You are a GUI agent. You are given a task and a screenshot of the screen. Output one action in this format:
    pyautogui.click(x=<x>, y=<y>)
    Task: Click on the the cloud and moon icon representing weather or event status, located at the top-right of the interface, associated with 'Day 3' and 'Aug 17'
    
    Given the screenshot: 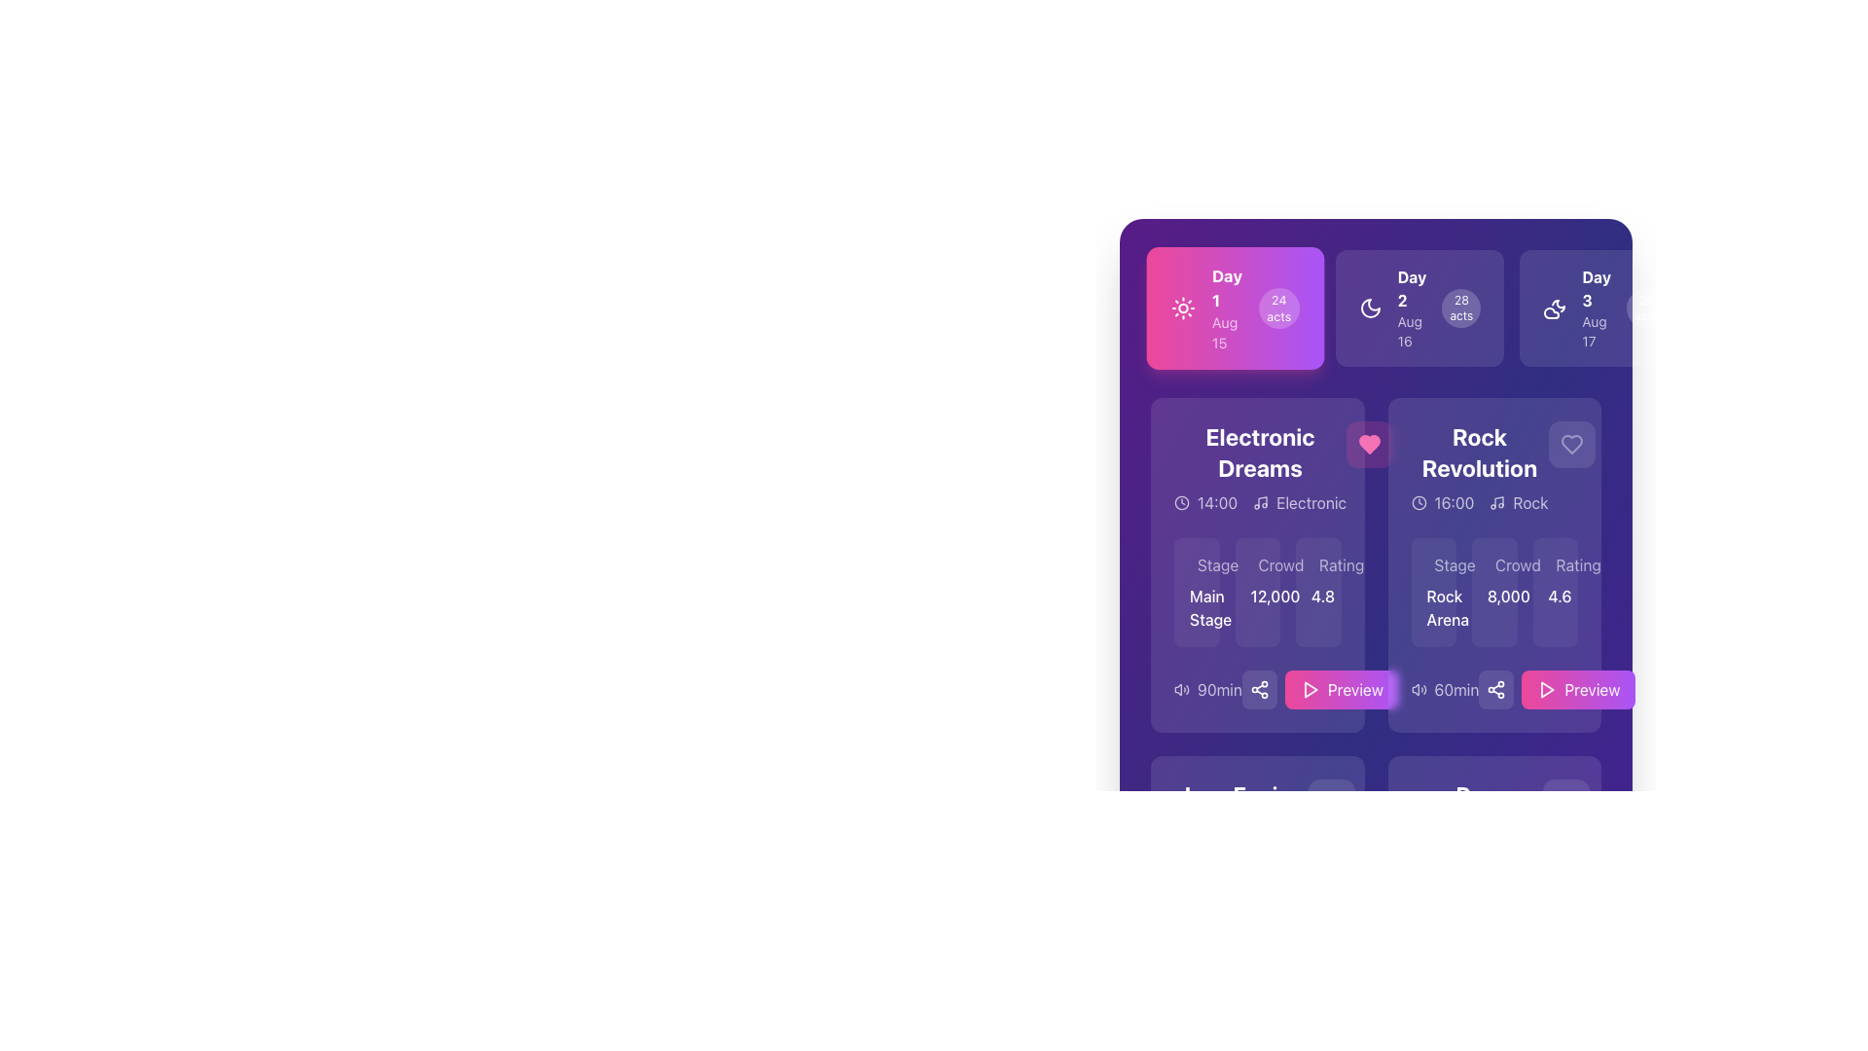 What is the action you would take?
    pyautogui.click(x=1554, y=307)
    